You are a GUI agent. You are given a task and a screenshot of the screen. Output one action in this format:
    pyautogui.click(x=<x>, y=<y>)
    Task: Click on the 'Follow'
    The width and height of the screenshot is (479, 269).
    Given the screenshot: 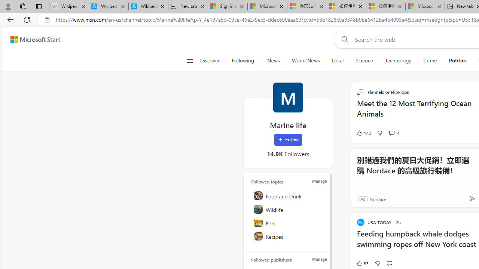 What is the action you would take?
    pyautogui.click(x=287, y=140)
    